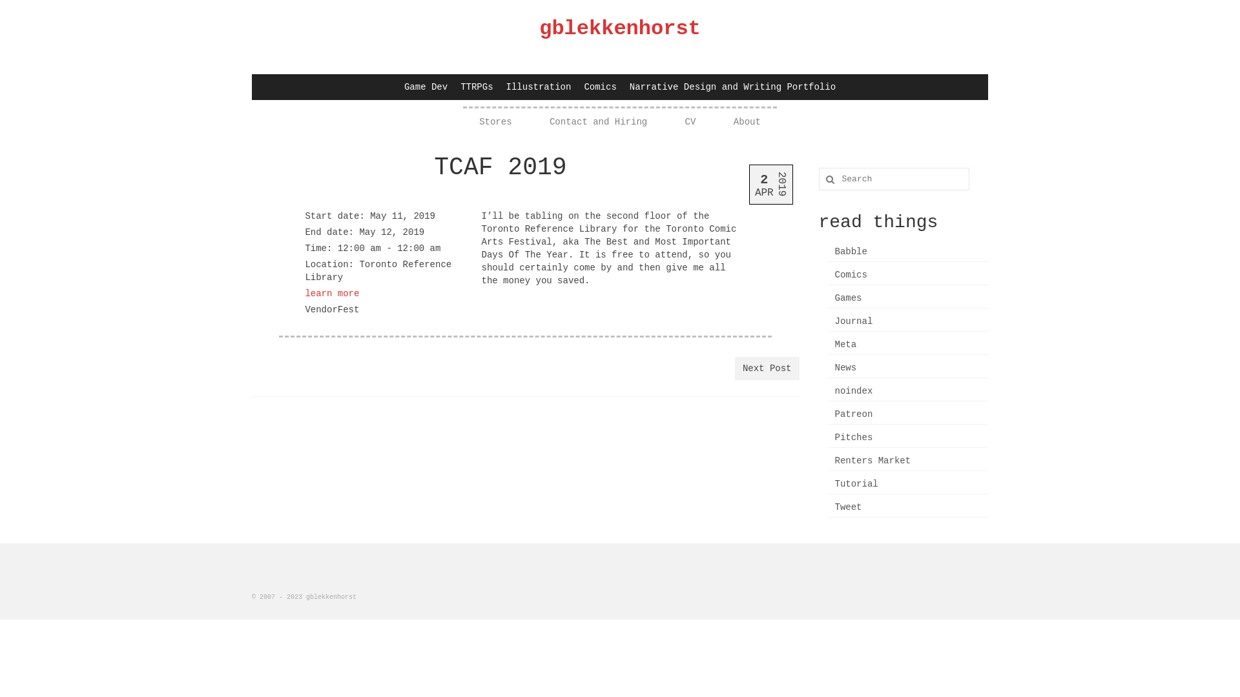 This screenshot has height=697, width=1240. Describe the element at coordinates (539, 87) in the screenshot. I see `'Illustration'` at that location.